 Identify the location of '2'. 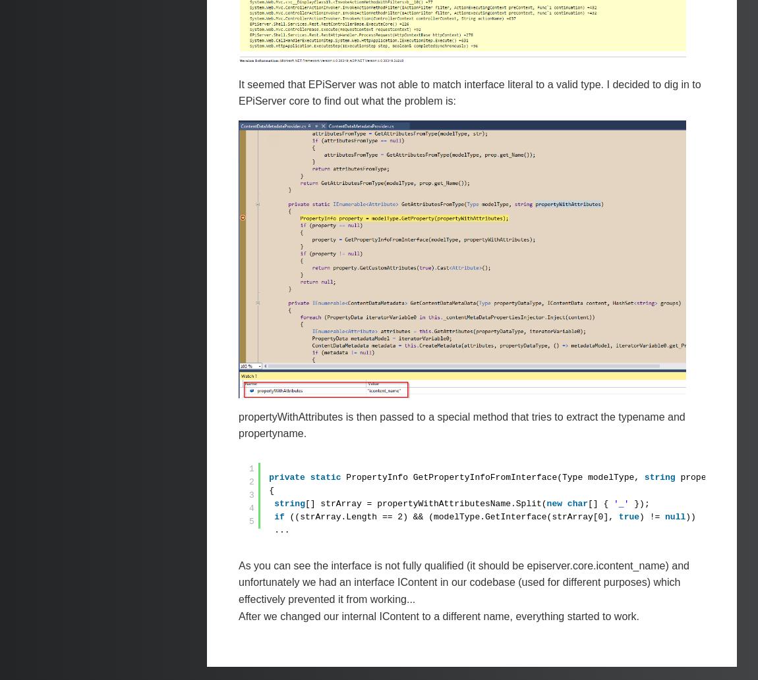
(251, 481).